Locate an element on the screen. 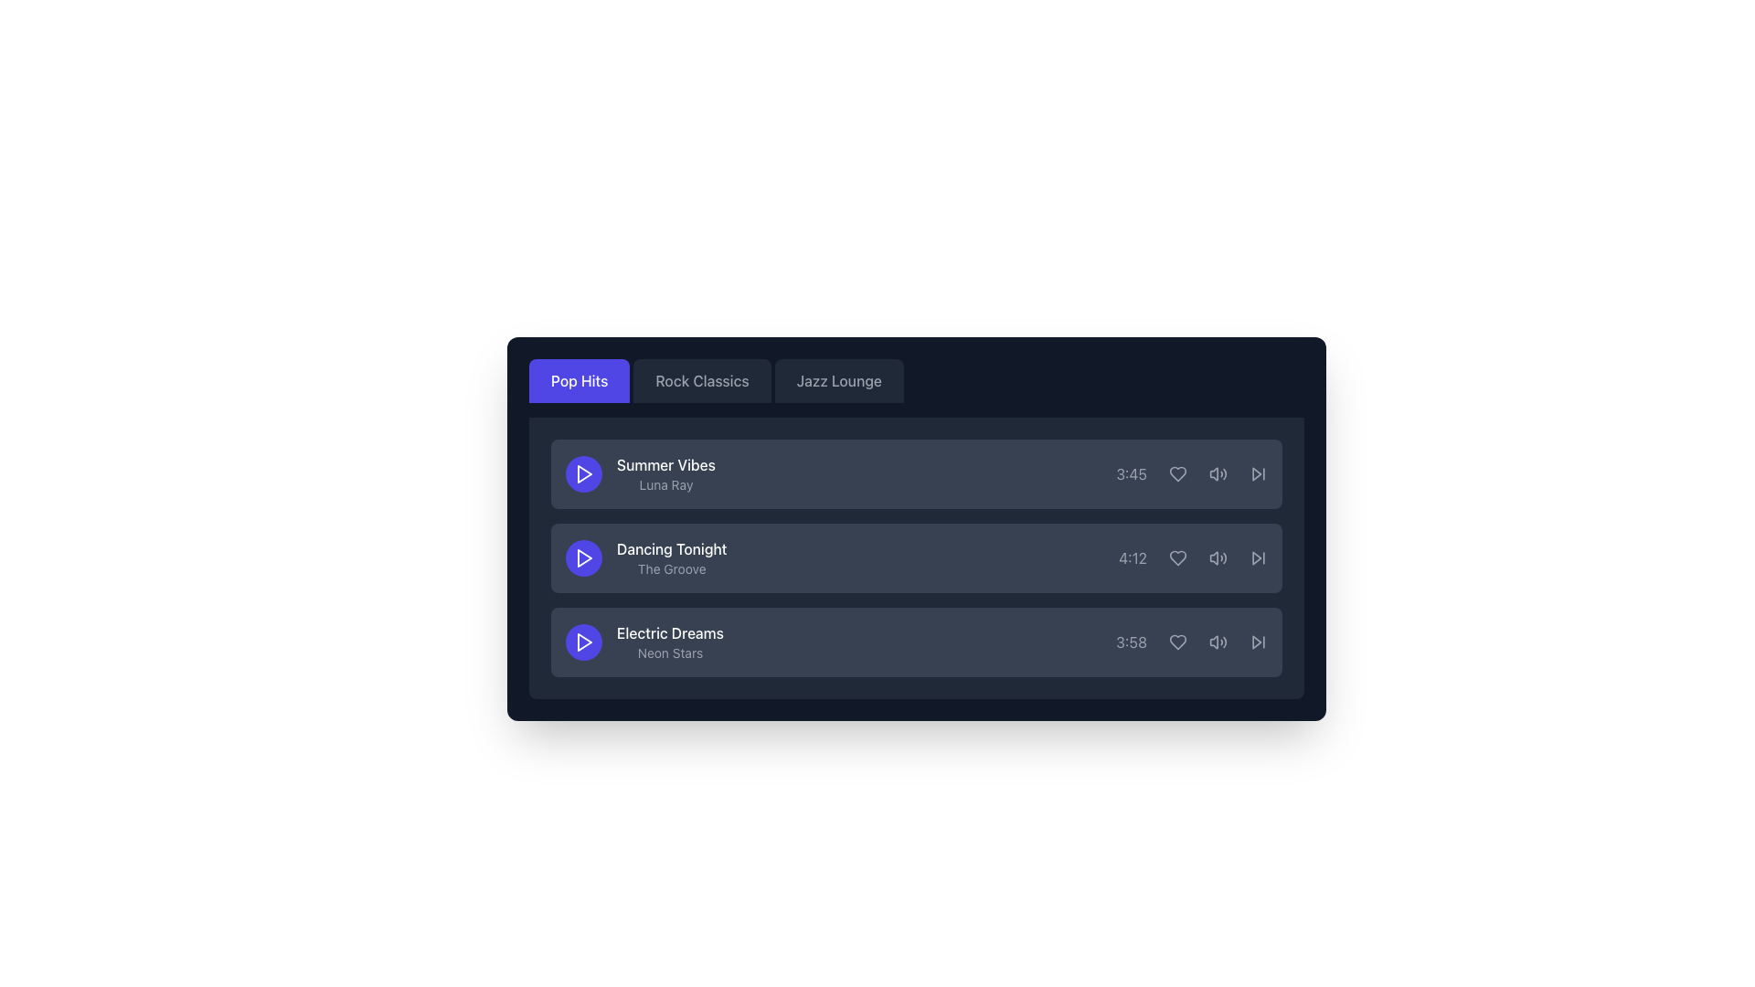  the text label providing information about the artist 'Luna Ray' for the song 'Summer Vibes', which is located immediately below the title 'Summer Vibes' is located at coordinates (665, 484).